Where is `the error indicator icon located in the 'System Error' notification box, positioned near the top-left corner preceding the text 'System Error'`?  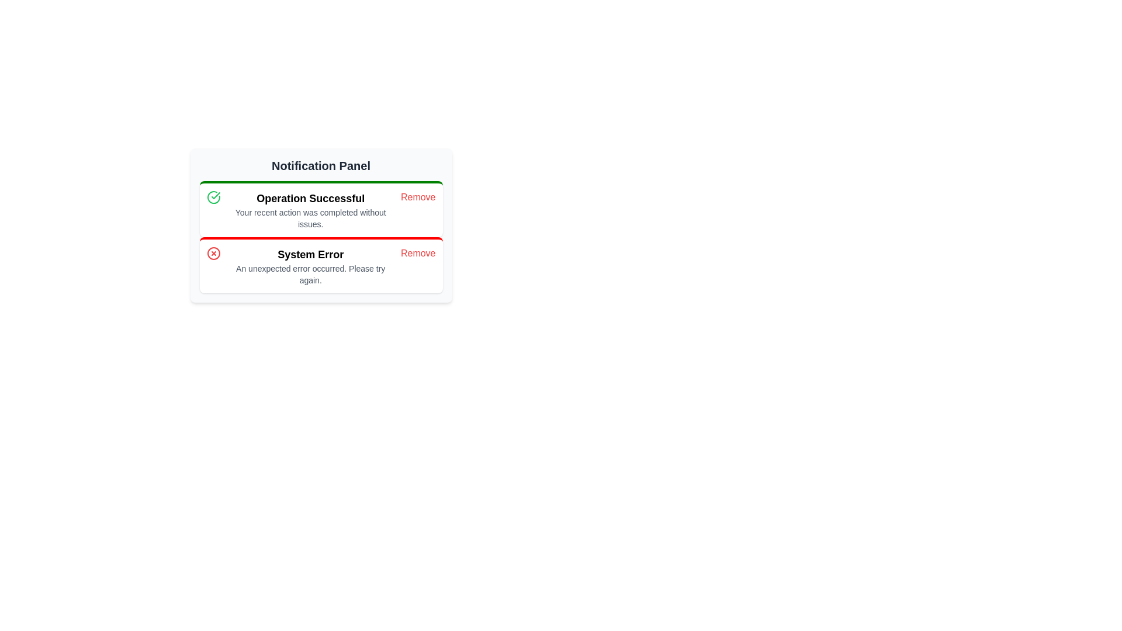 the error indicator icon located in the 'System Error' notification box, positioned near the top-left corner preceding the text 'System Error' is located at coordinates (213, 253).